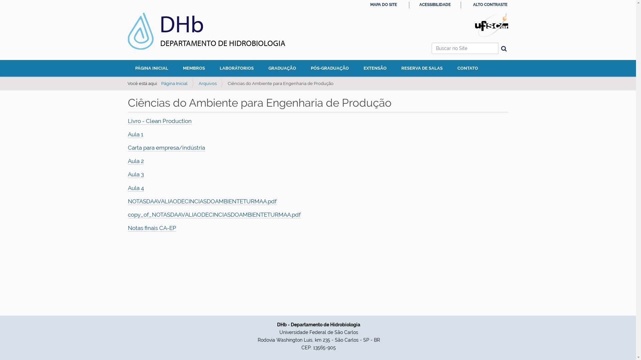  What do you see at coordinates (467, 68) in the screenshot?
I see `'CONTATO'` at bounding box center [467, 68].